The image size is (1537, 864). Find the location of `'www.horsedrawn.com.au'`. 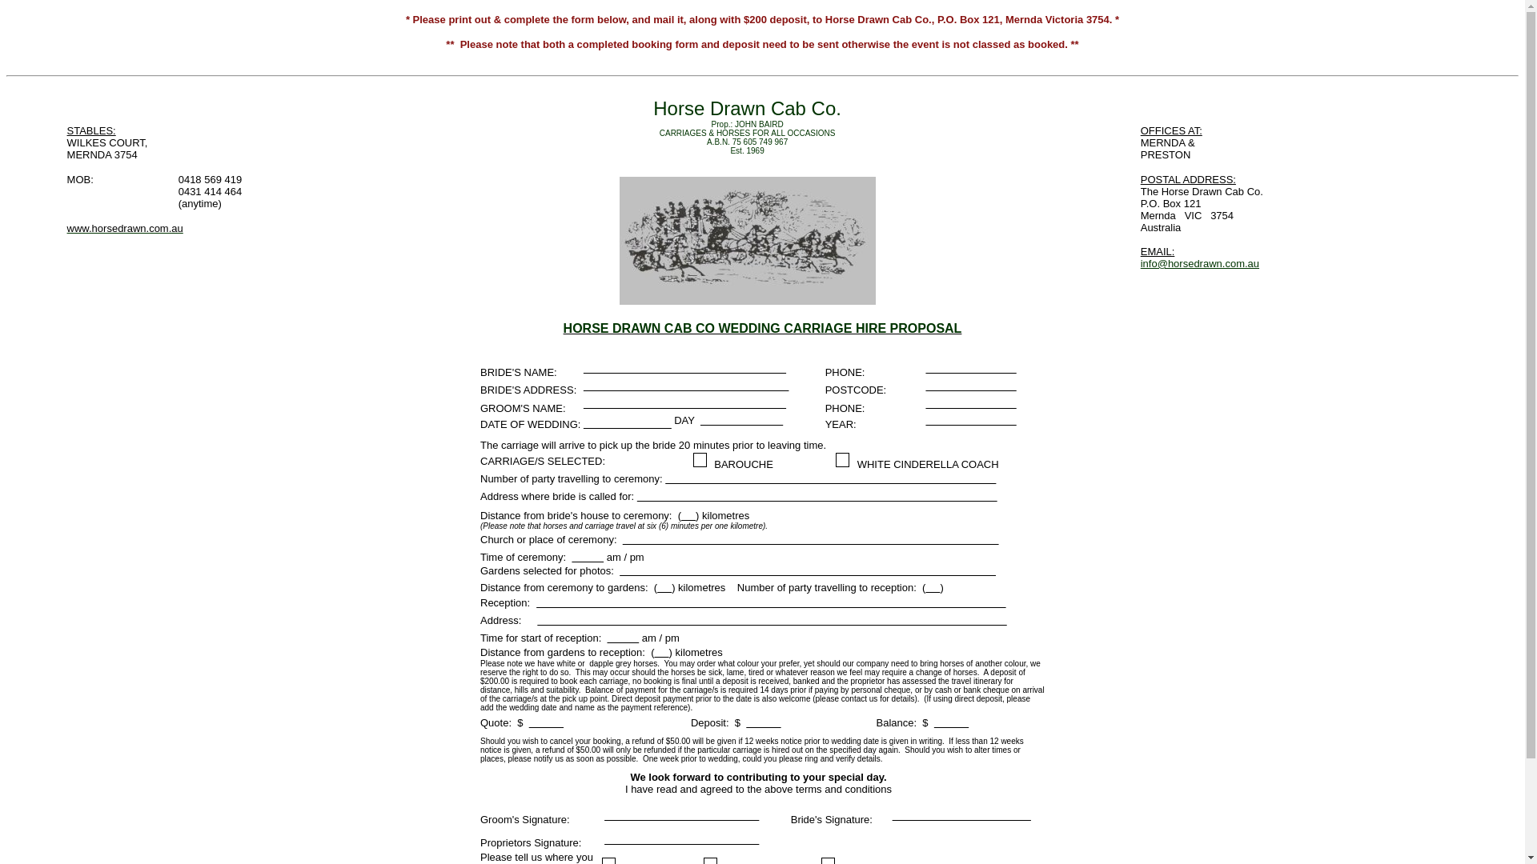

'www.horsedrawn.com.au' is located at coordinates (66, 232).